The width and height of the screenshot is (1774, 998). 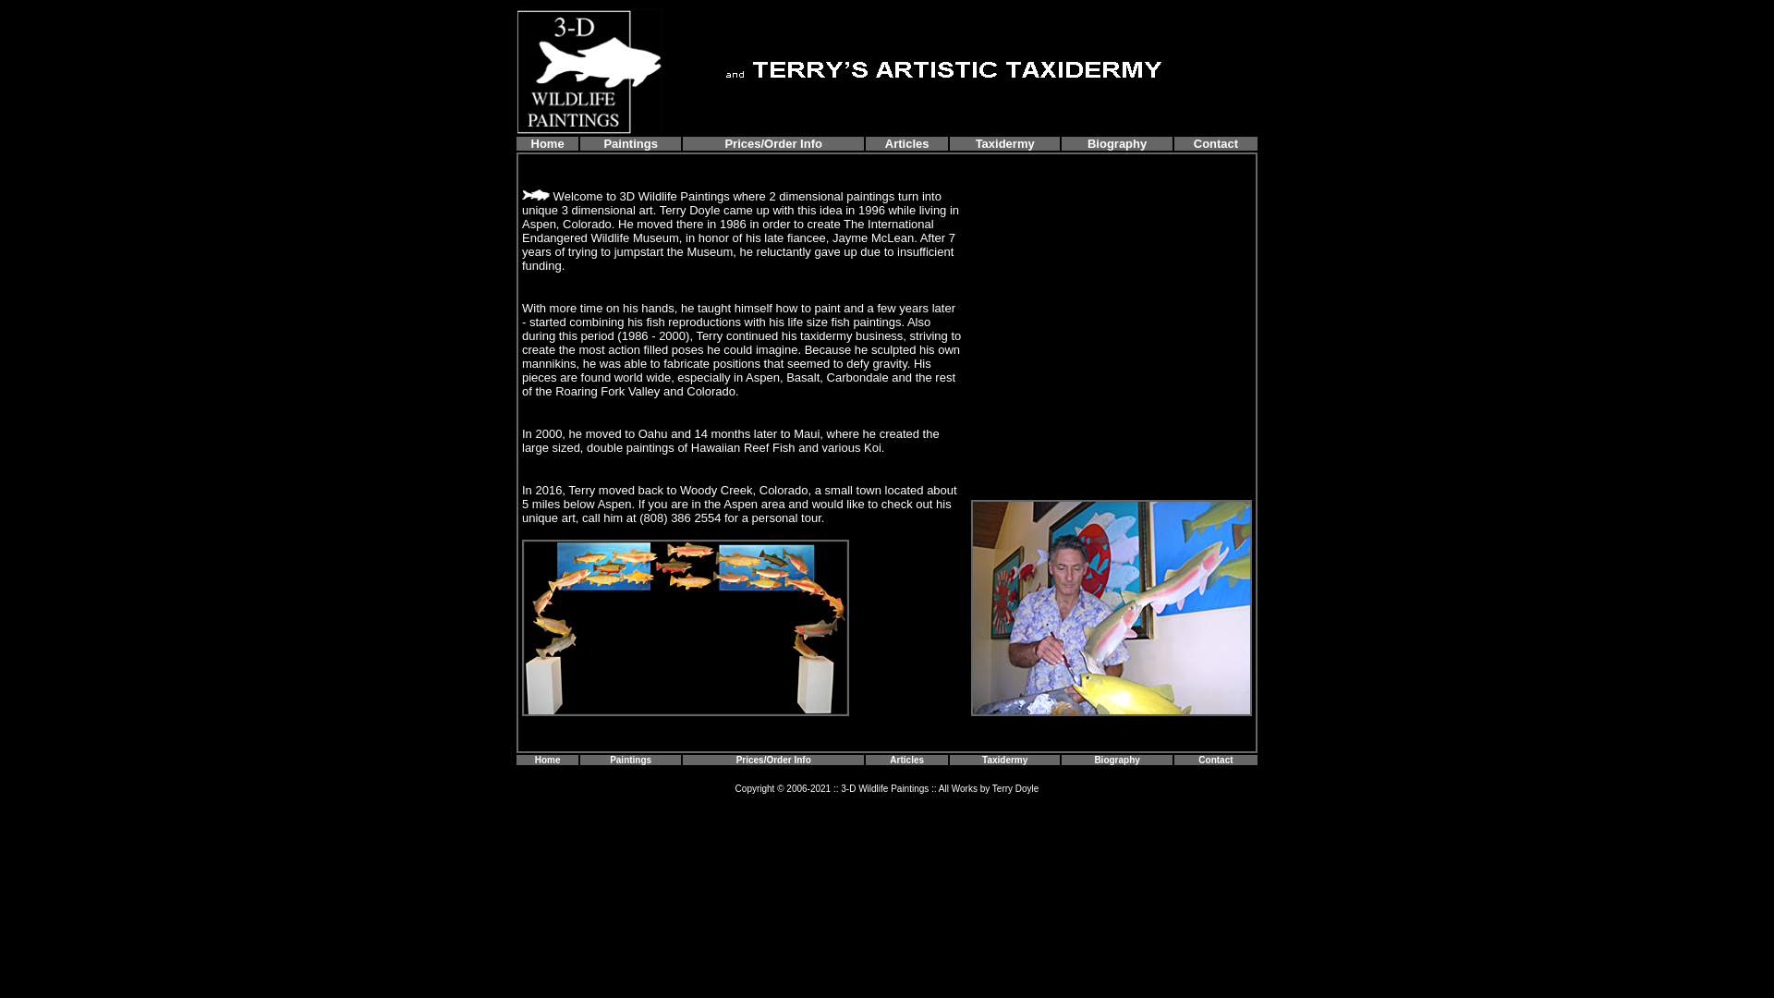 What do you see at coordinates (773, 759) in the screenshot?
I see `'Prices/Order Info'` at bounding box center [773, 759].